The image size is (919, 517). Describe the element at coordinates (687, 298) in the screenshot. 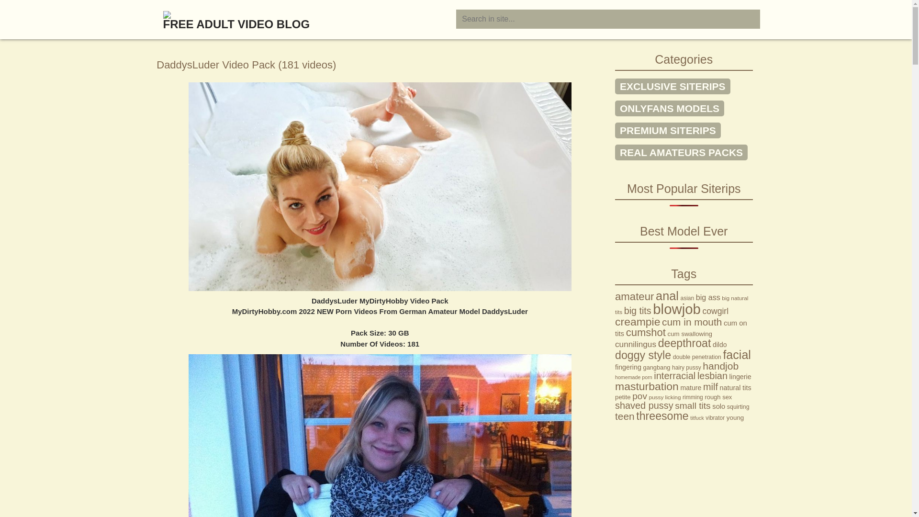

I see `'asian'` at that location.